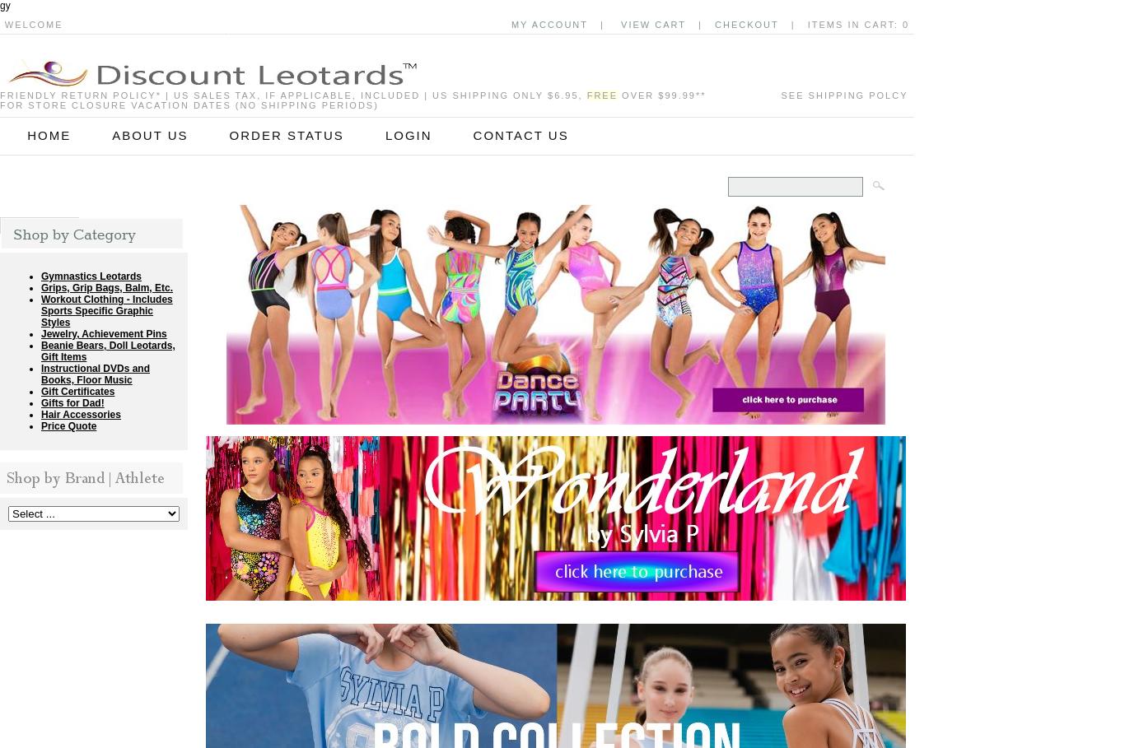 Image resolution: width=1125 pixels, height=748 pixels. What do you see at coordinates (40, 333) in the screenshot?
I see `'Jewelry, Achievement Pins'` at bounding box center [40, 333].